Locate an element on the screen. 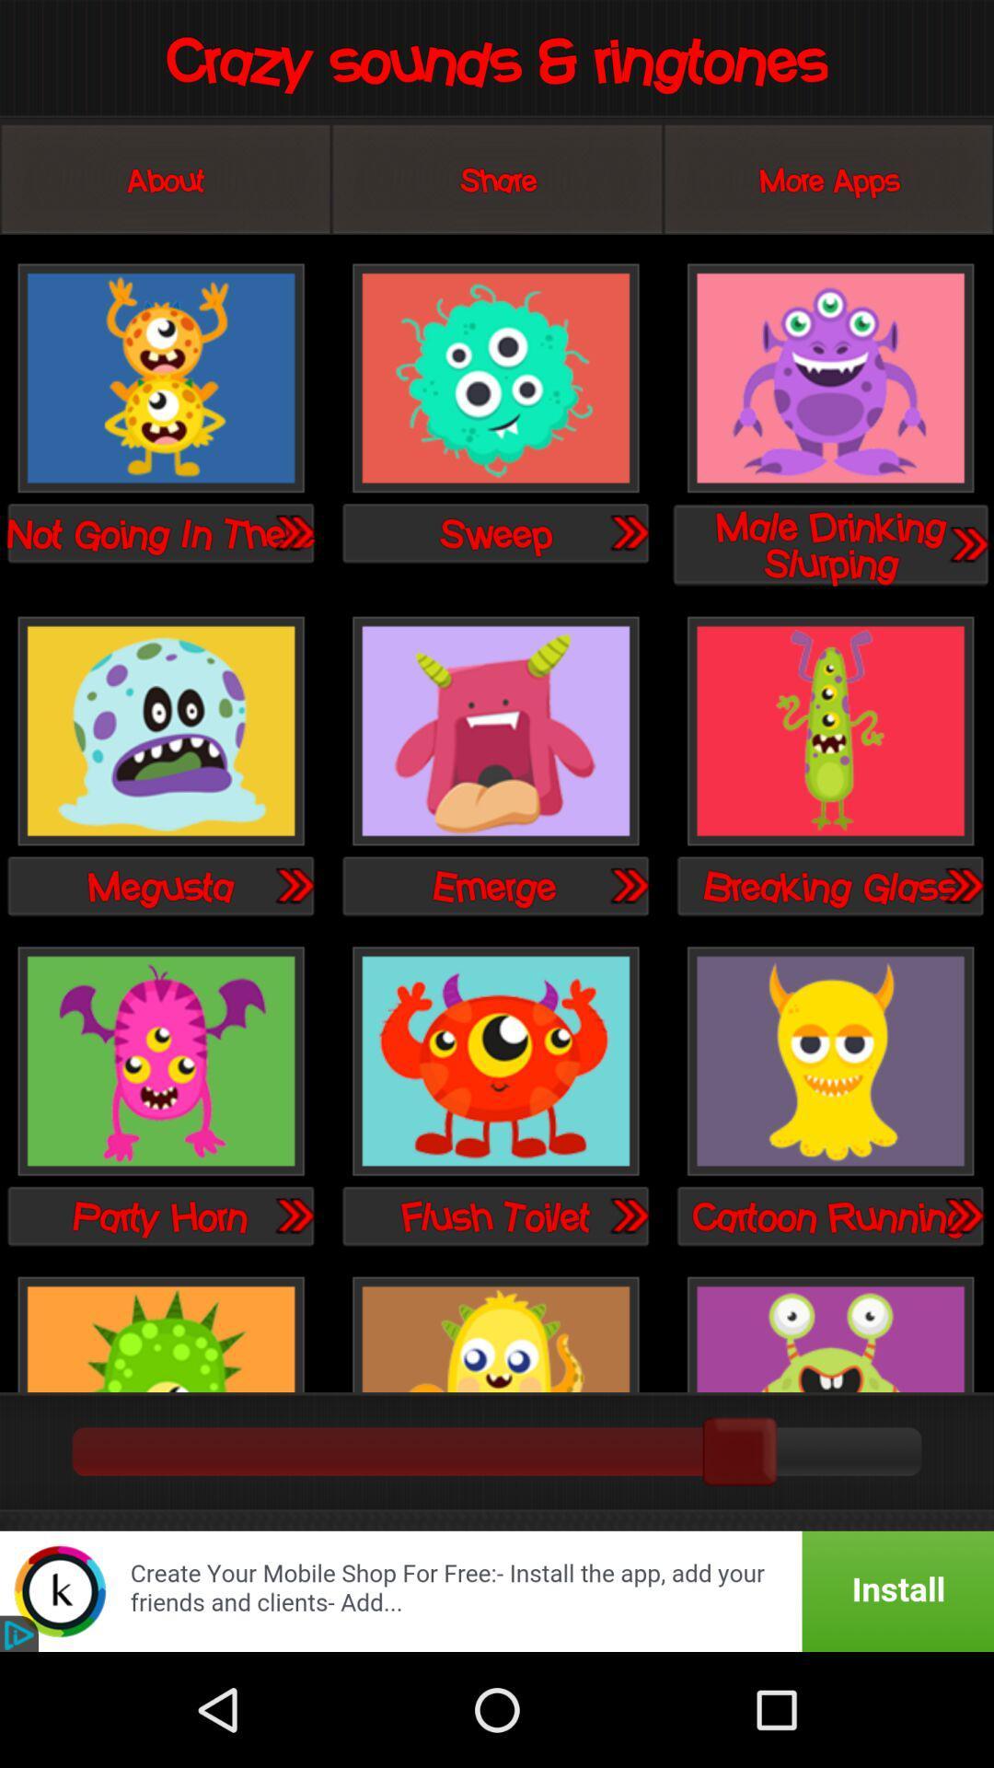  the tone is located at coordinates (494, 731).